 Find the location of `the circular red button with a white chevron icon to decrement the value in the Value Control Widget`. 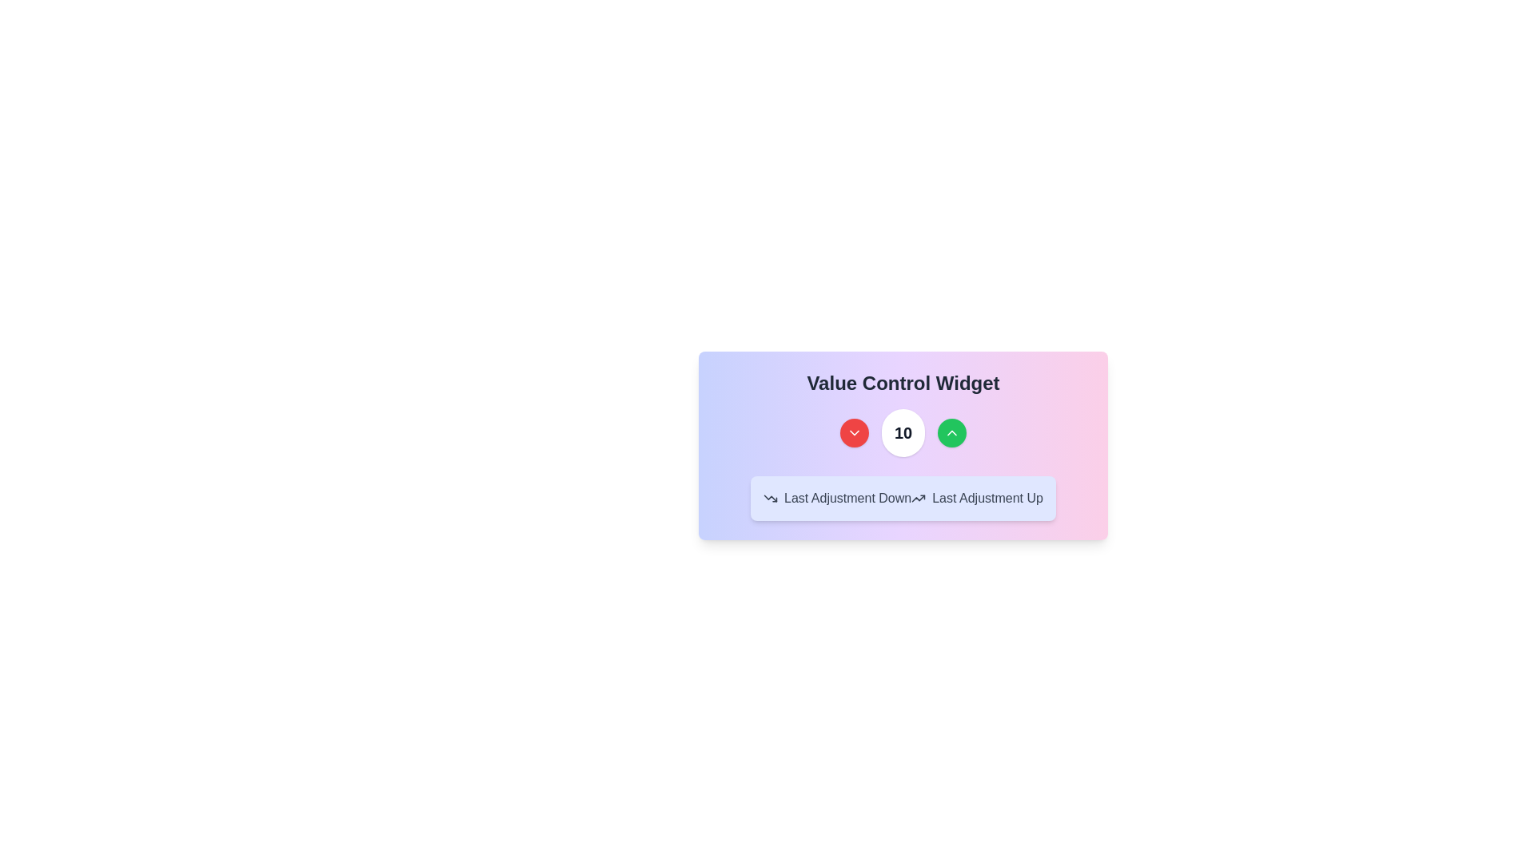

the circular red button with a white chevron icon to decrement the value in the Value Control Widget is located at coordinates (853, 433).